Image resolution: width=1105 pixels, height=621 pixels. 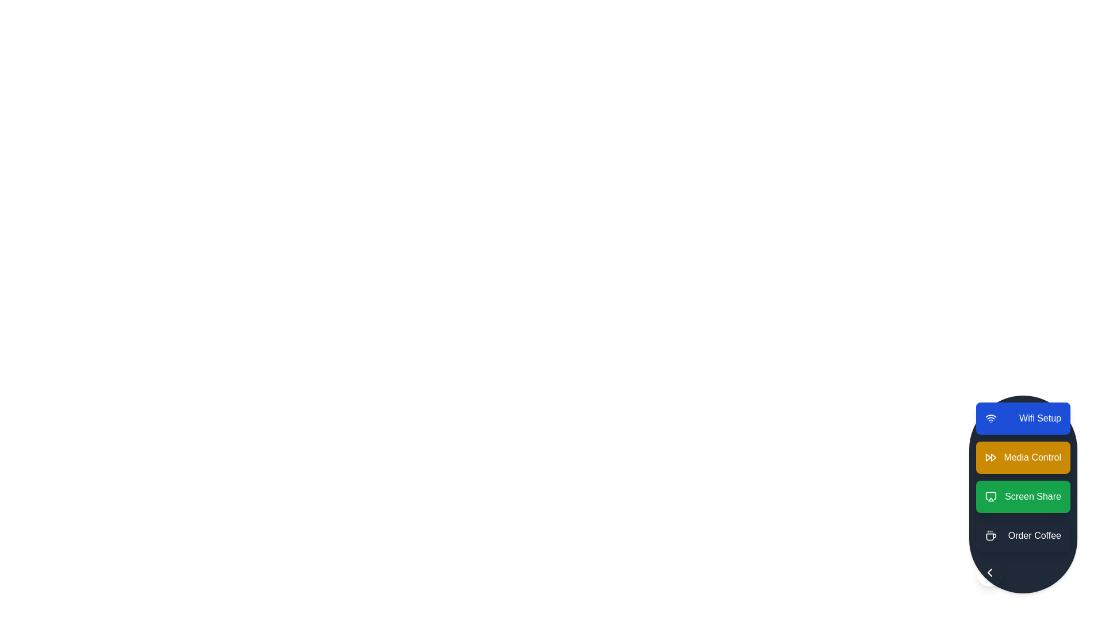 I want to click on the action item Order Coffee from the speed dial, so click(x=1023, y=536).